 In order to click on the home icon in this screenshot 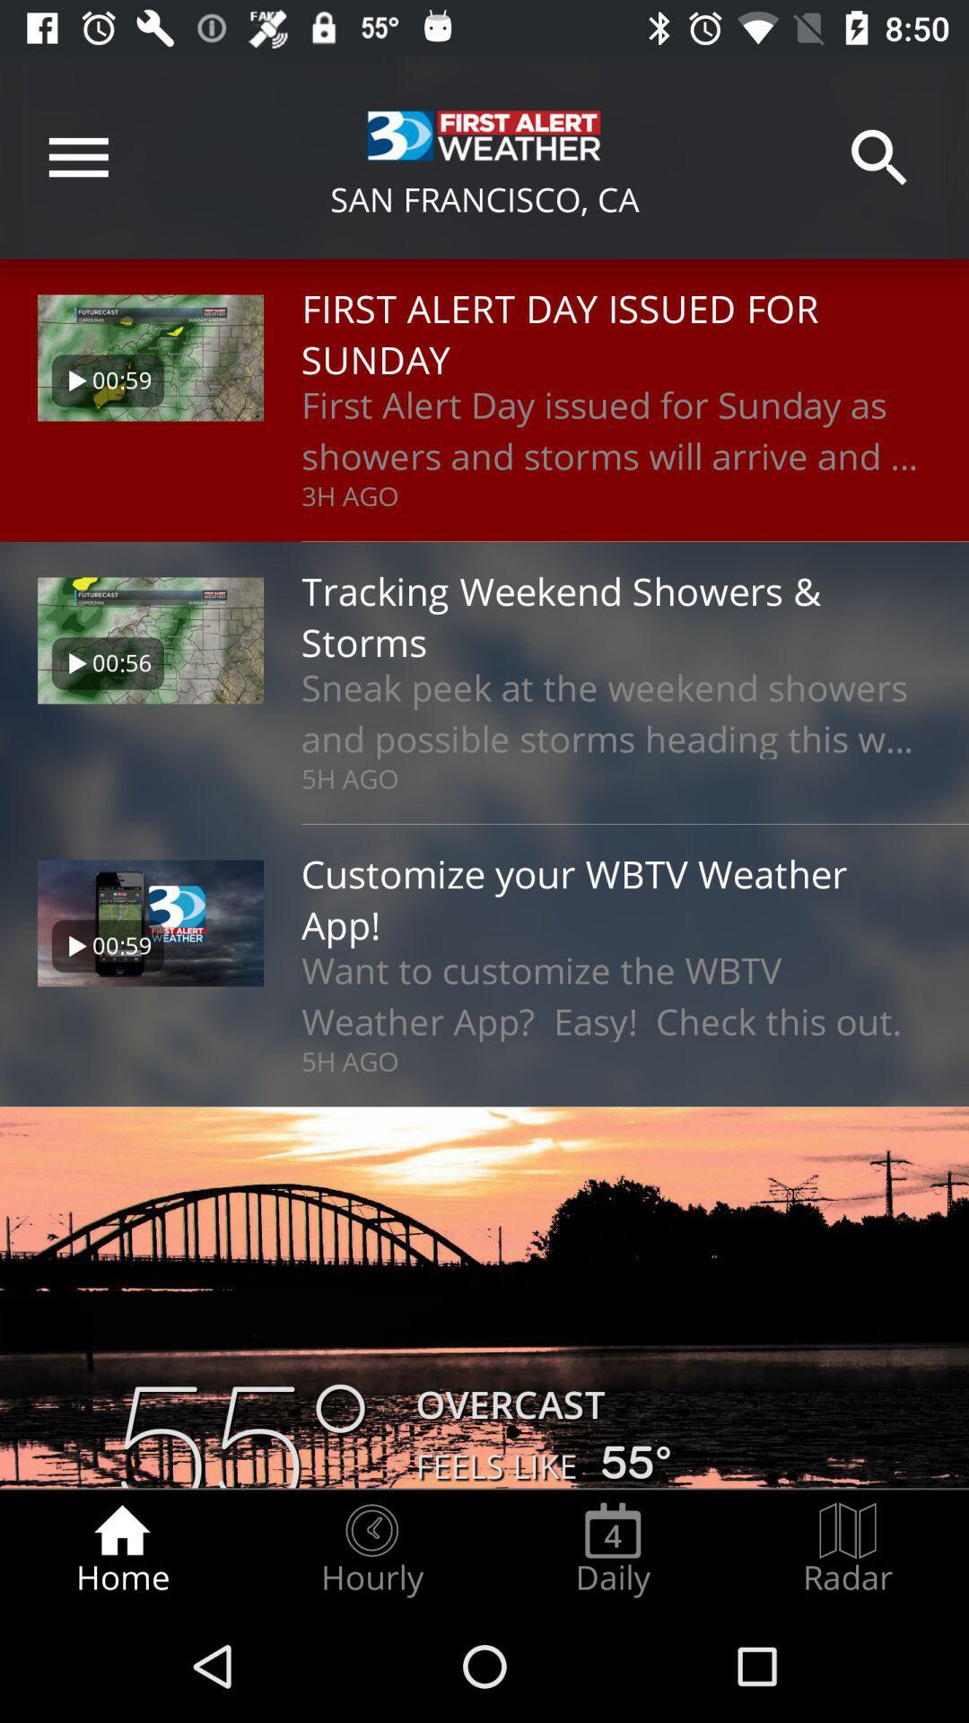, I will do `click(121, 1549)`.